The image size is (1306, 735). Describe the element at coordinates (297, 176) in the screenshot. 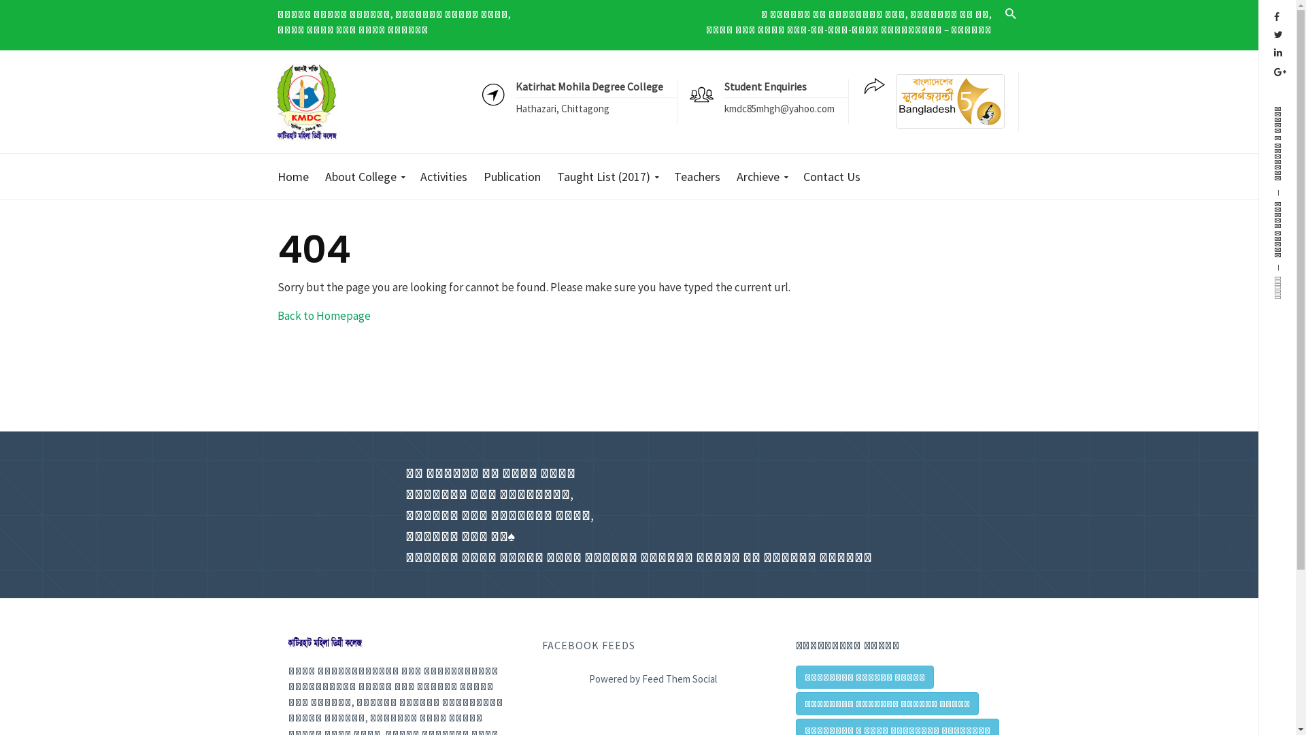

I see `'Home'` at that location.